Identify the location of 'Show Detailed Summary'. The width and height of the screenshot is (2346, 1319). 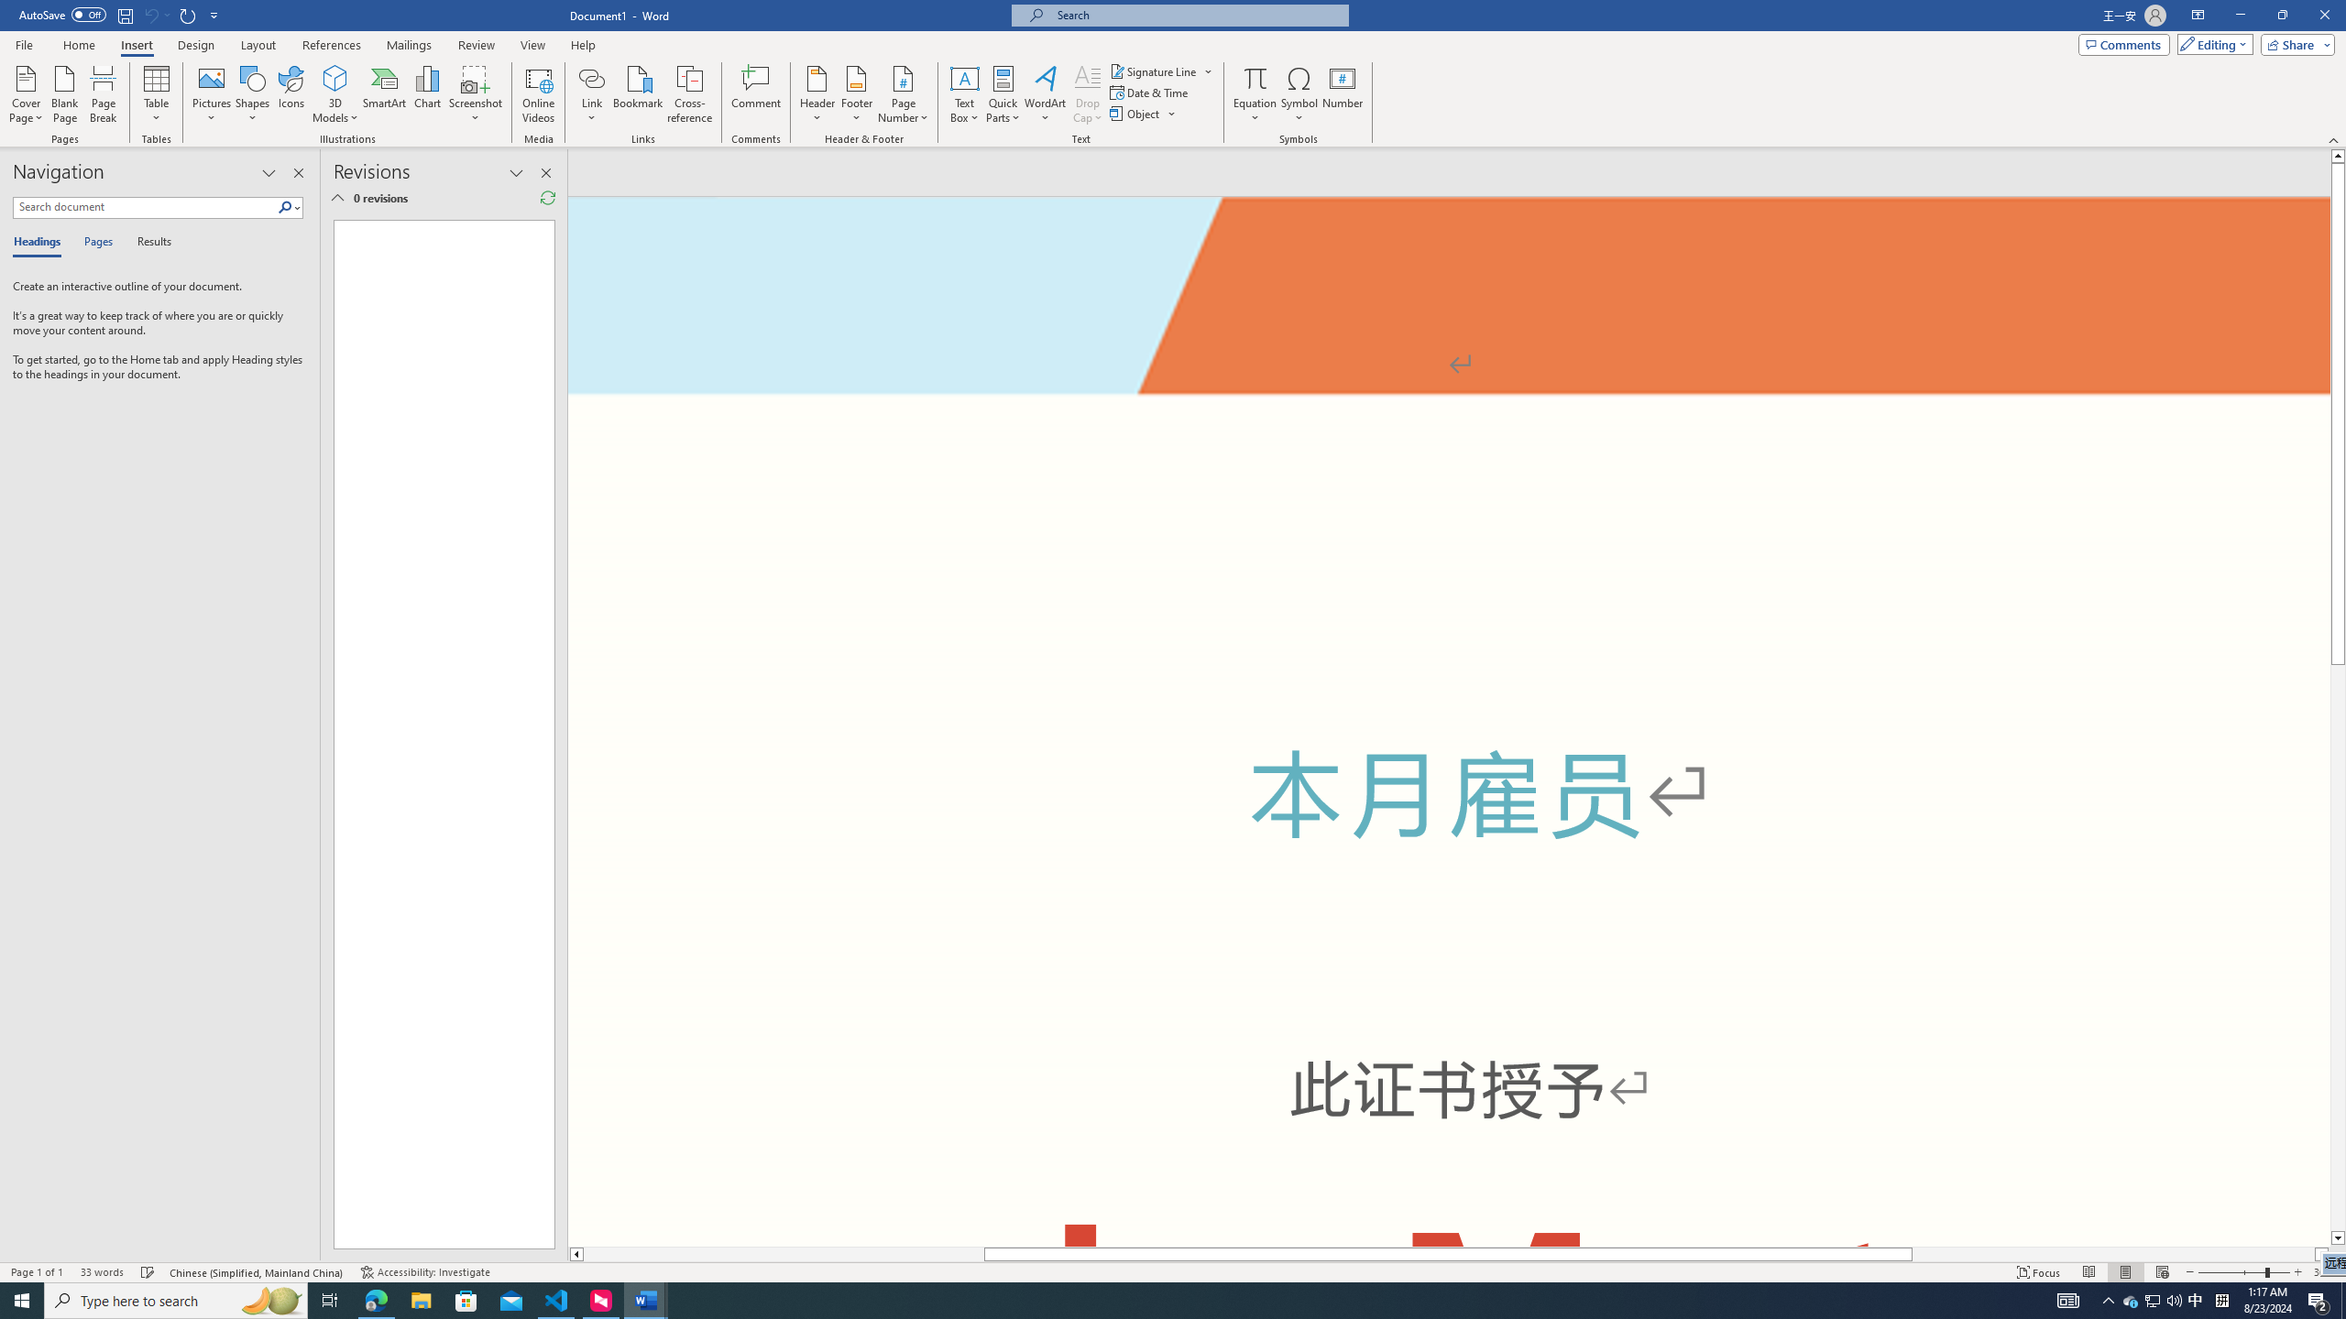
(336, 197).